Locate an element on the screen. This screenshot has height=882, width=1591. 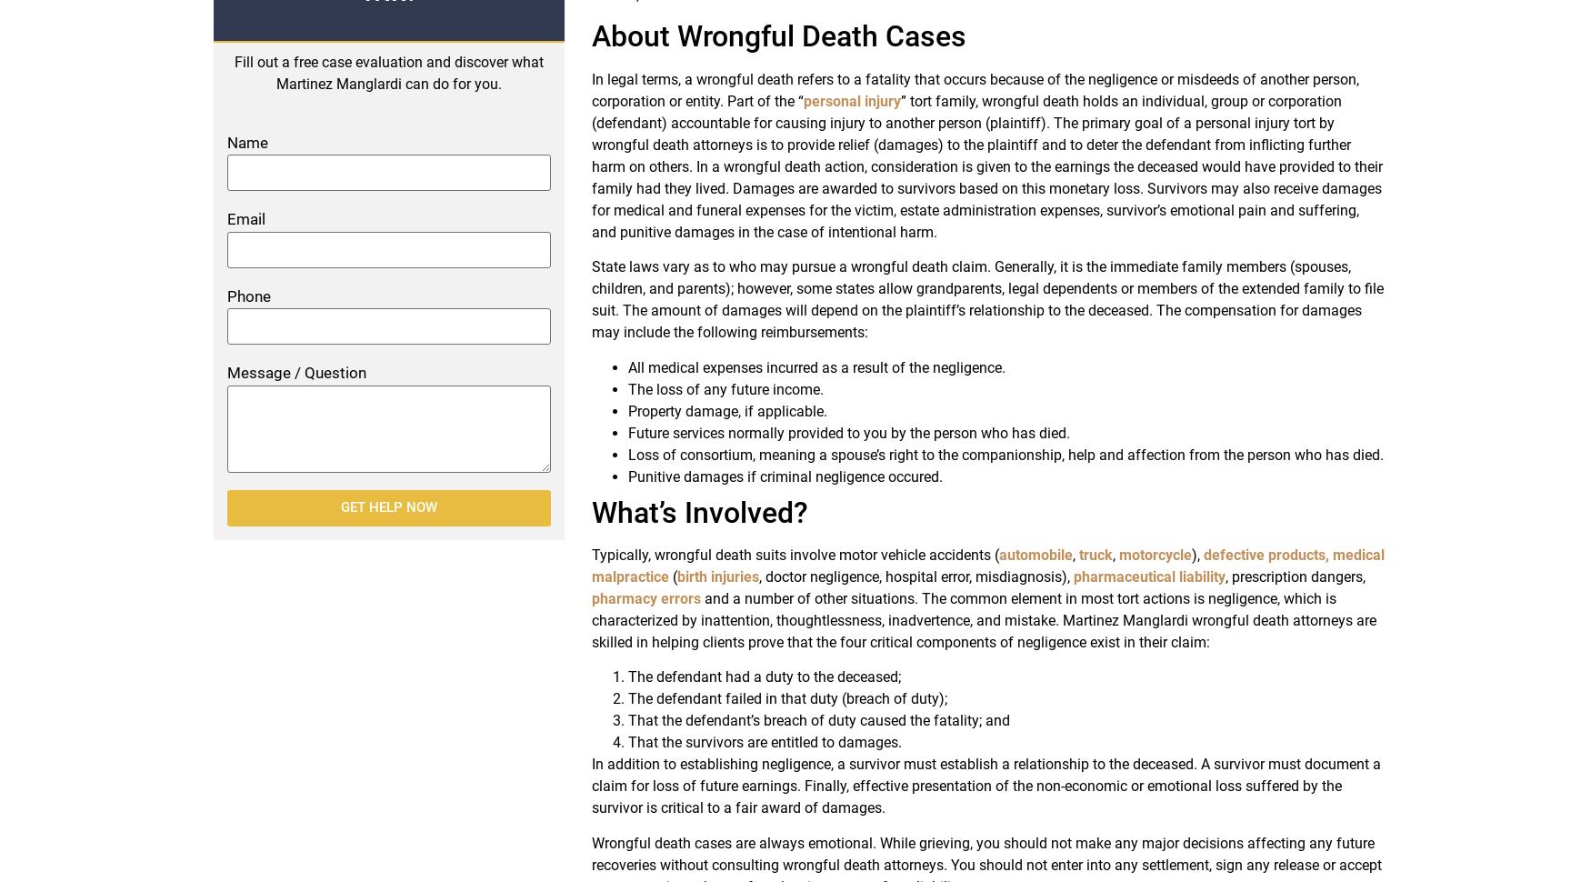
'),' is located at coordinates (1196, 554).